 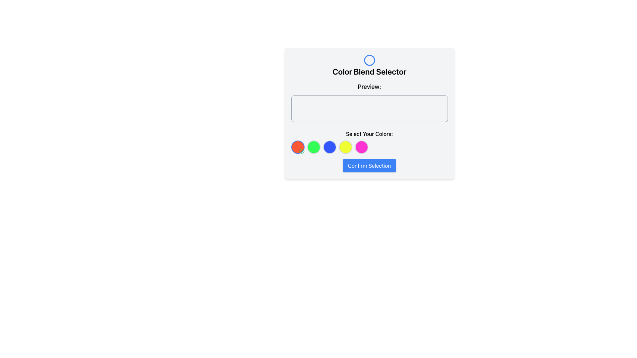 I want to click on the fifth circular button with a yellow background and gray outline in the 'Select Your Colors:' section, so click(x=345, y=147).